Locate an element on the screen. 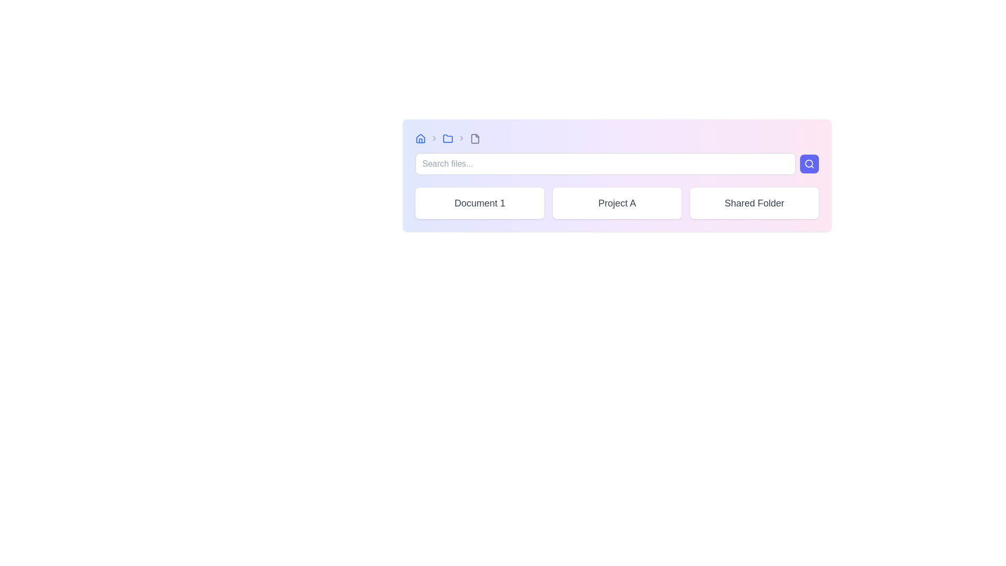 This screenshot has height=566, width=1006. the gray document icon in the breadcrumb navigation bar to focus on it is located at coordinates (475, 137).